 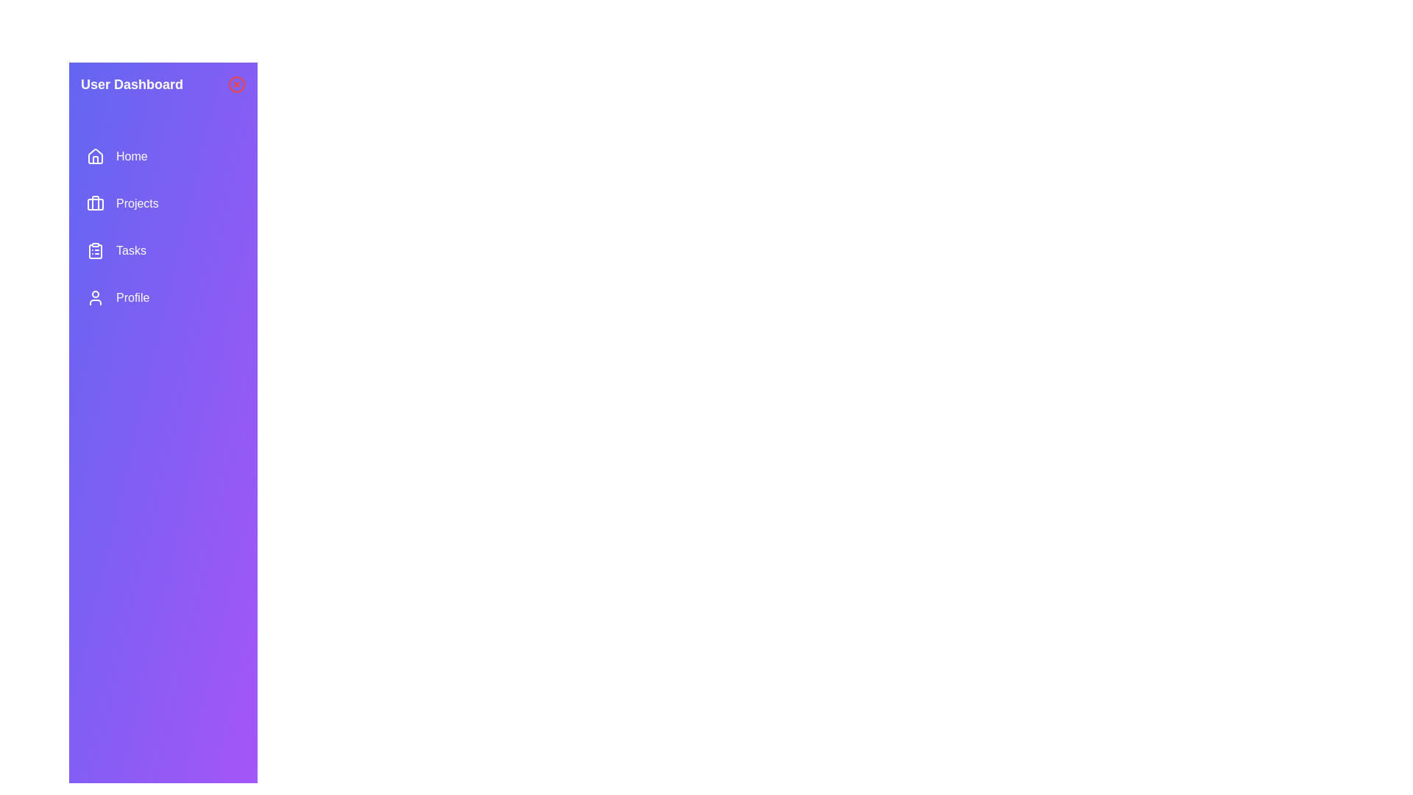 What do you see at coordinates (94, 204) in the screenshot?
I see `the rectangular element within the 'Projects' menu item's briefcase icon in the sidebar menu` at bounding box center [94, 204].